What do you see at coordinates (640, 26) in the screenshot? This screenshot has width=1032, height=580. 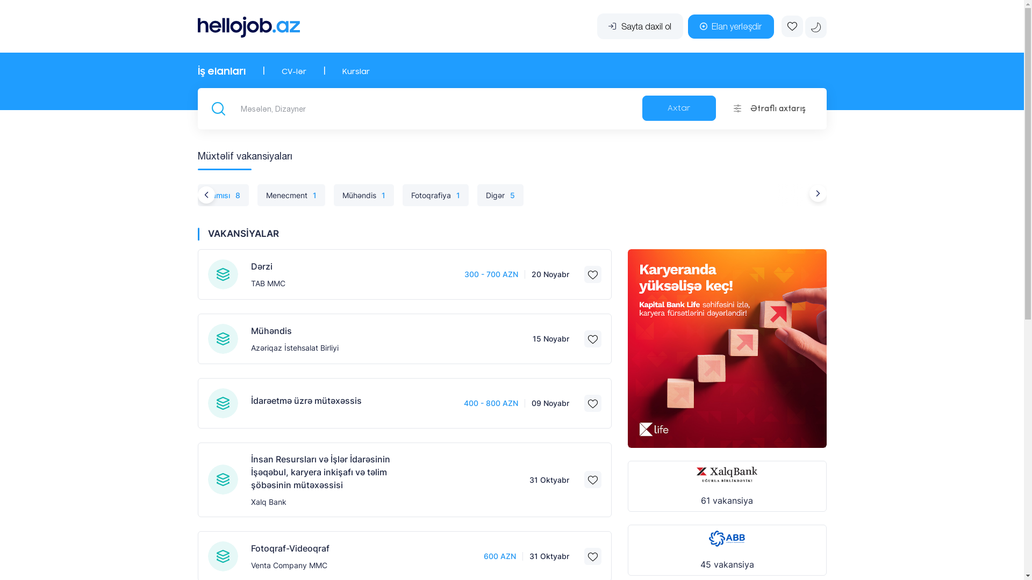 I see `'Sayta daxil ol'` at bounding box center [640, 26].